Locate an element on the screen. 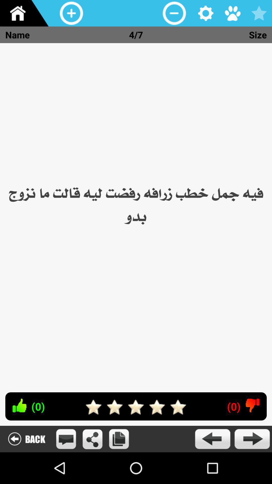 Image resolution: width=272 pixels, height=484 pixels. previous is located at coordinates (212, 439).